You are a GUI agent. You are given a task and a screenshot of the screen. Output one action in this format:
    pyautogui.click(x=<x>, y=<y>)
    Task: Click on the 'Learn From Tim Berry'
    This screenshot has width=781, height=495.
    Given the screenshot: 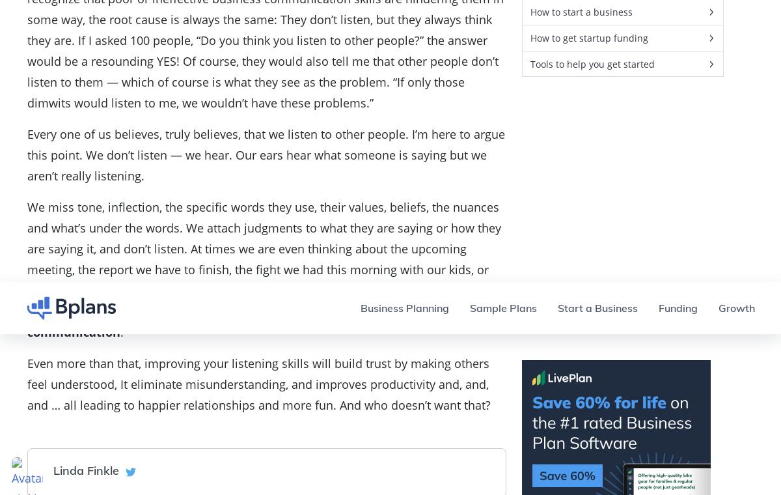 What is the action you would take?
    pyautogui.click(x=569, y=124)
    